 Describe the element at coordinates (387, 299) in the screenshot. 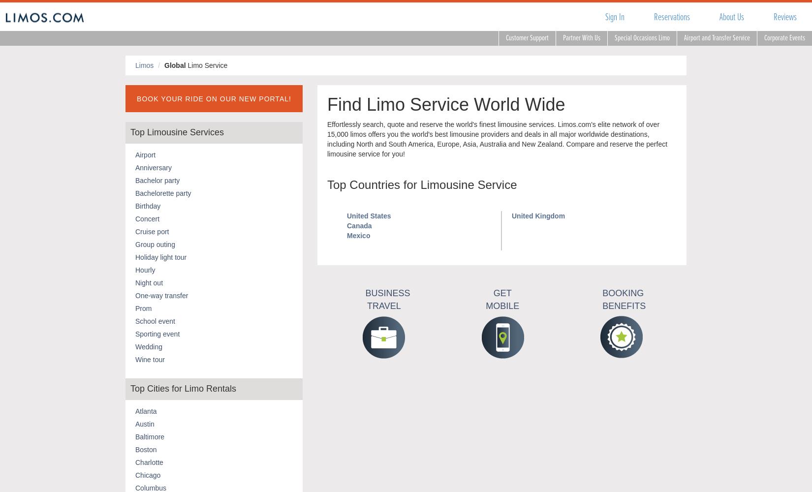

I see `'Business Travel'` at that location.